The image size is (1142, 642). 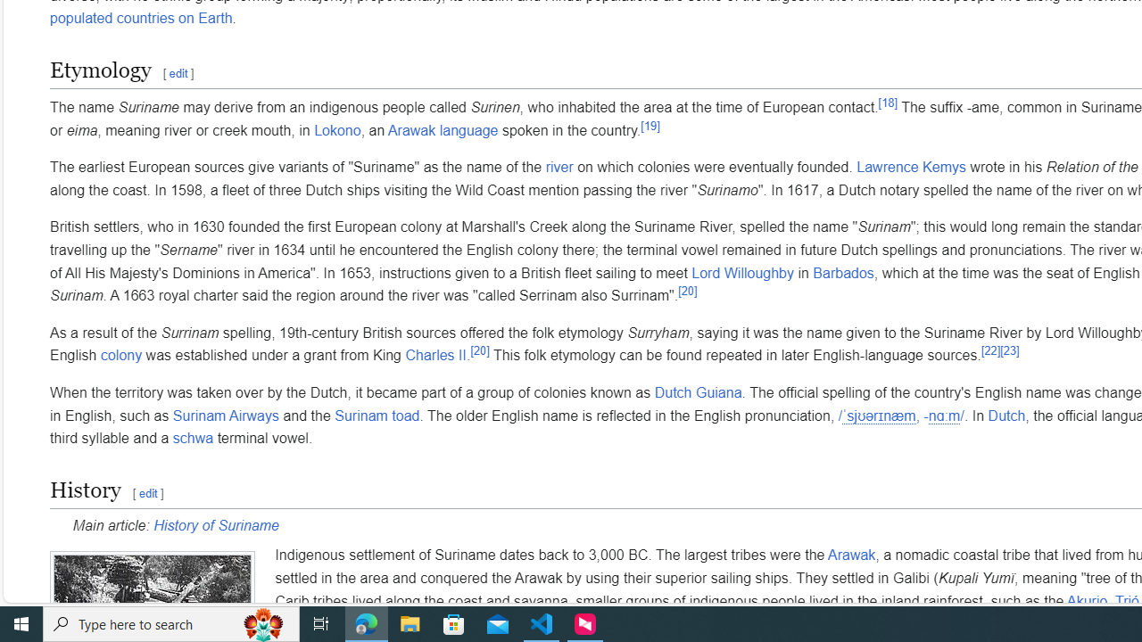 I want to click on 'schwa', so click(x=193, y=439).